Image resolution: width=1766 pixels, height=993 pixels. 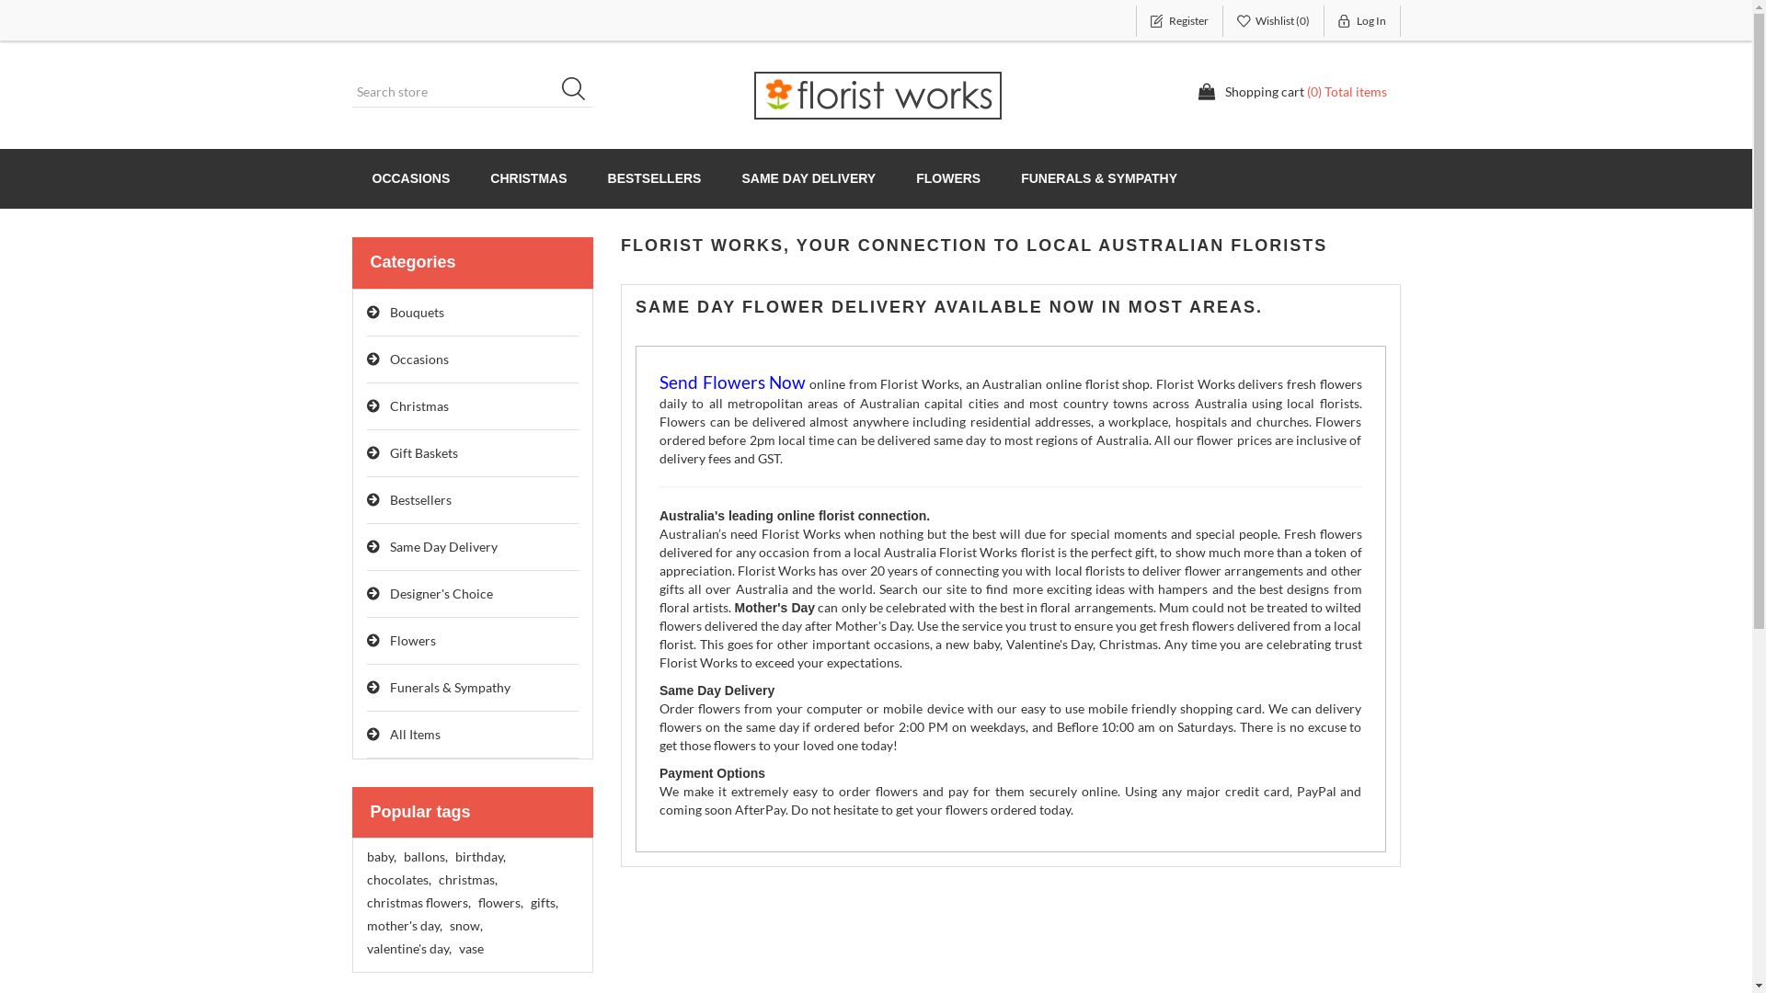 I want to click on 'BESTSELLERS', so click(x=654, y=178).